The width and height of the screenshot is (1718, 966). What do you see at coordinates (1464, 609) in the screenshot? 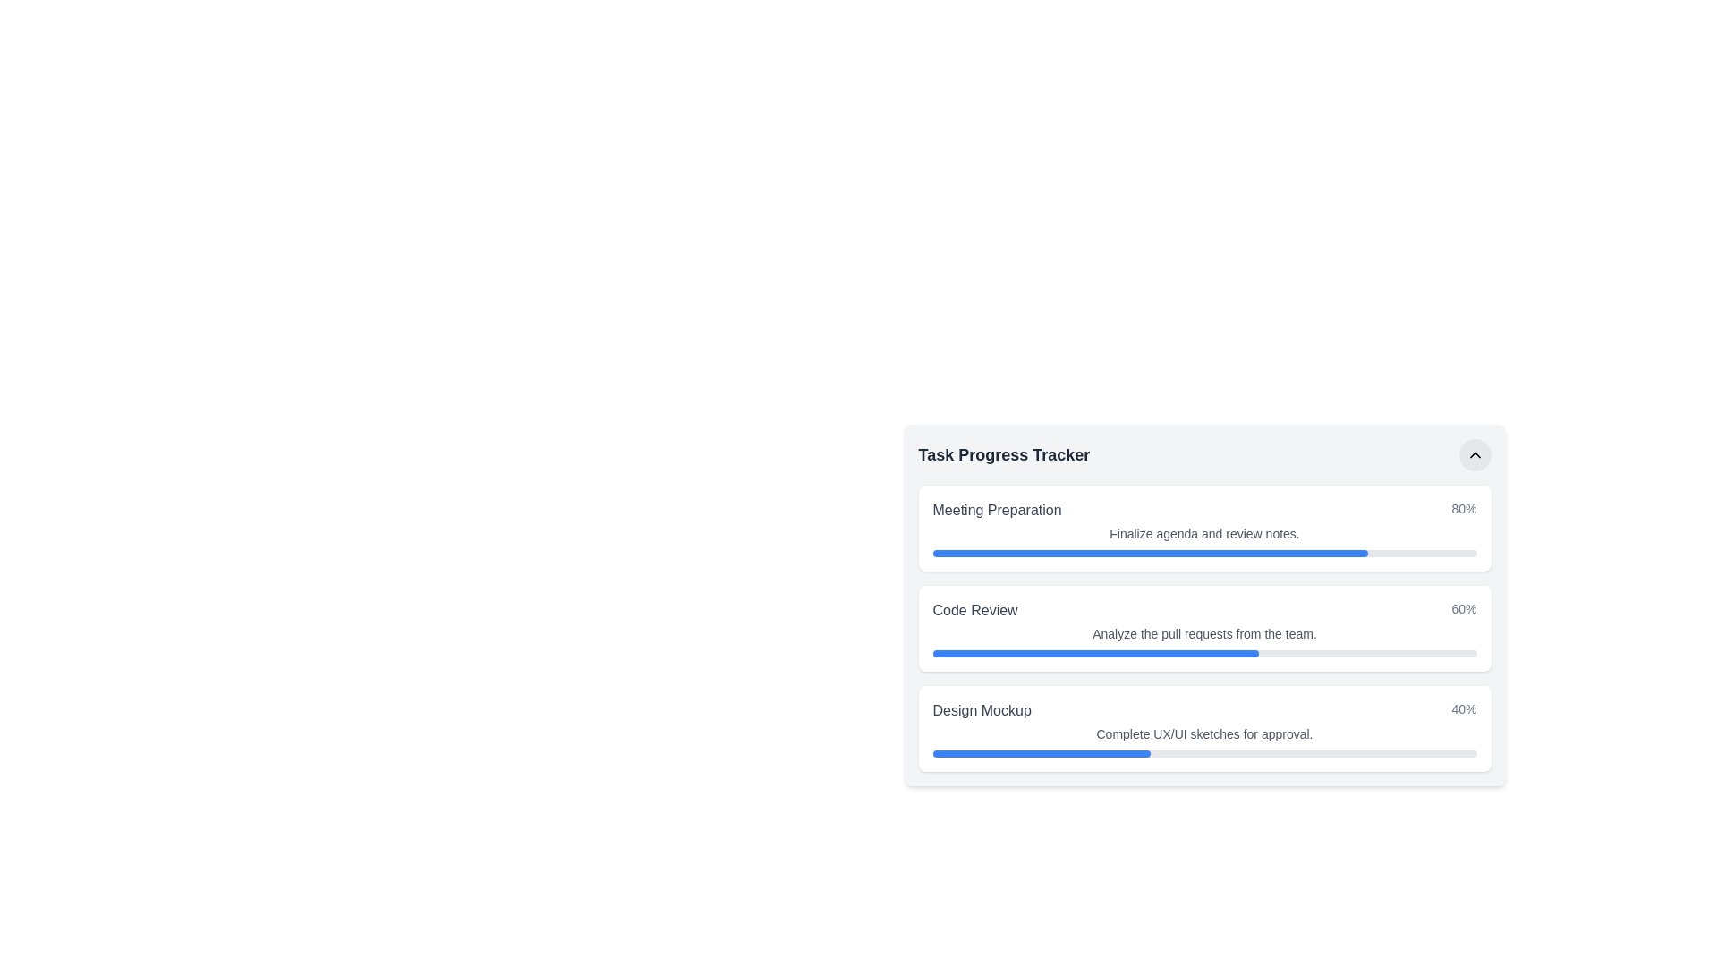
I see `the static text label displaying '60%' located on the top-right side of the 'Code Review' section in the task tracker layout` at bounding box center [1464, 609].